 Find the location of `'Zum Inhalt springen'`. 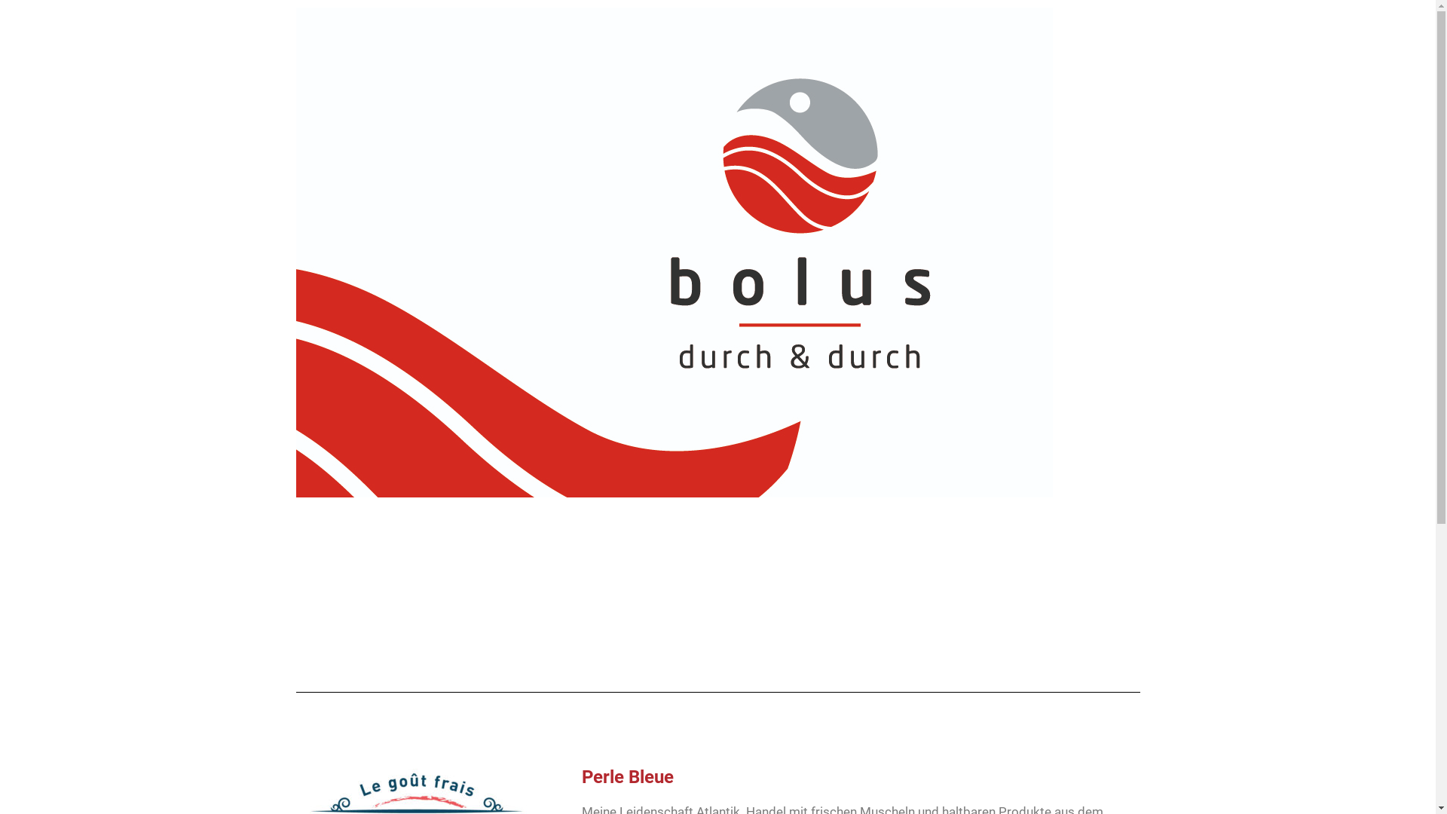

'Zum Inhalt springen' is located at coordinates (11, 32).